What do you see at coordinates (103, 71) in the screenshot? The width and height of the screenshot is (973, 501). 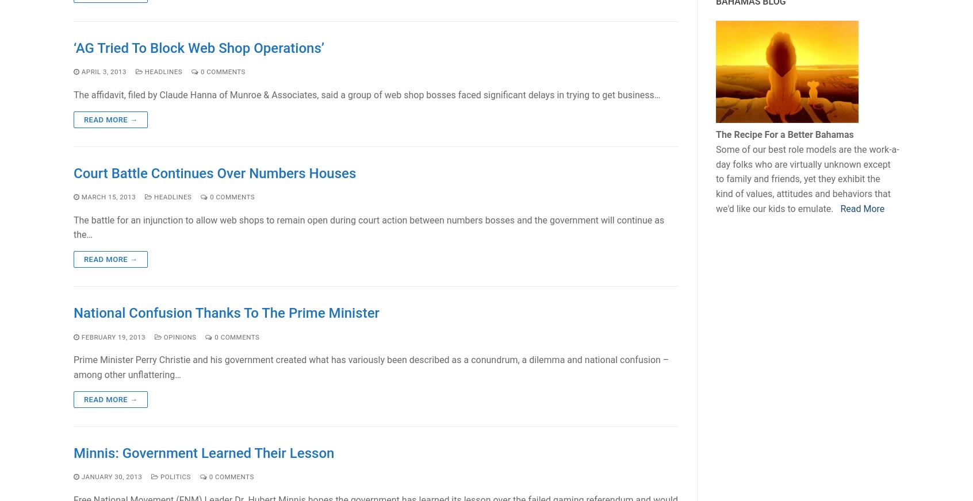 I see `'April 3, 2013'` at bounding box center [103, 71].